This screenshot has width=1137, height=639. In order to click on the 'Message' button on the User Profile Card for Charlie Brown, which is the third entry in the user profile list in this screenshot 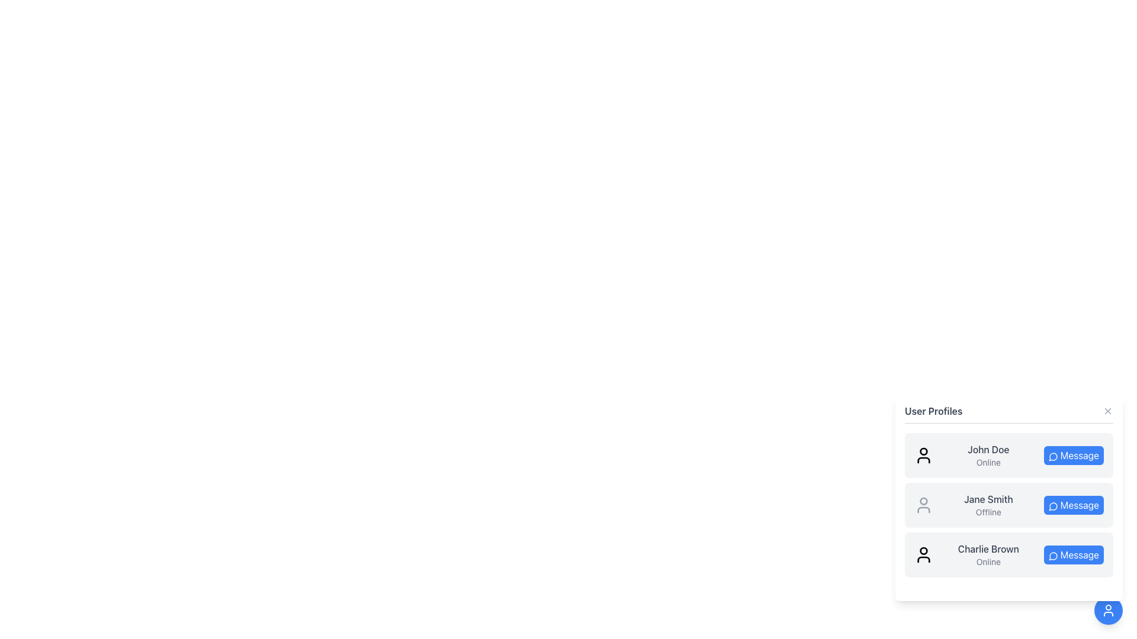, I will do `click(1008, 554)`.